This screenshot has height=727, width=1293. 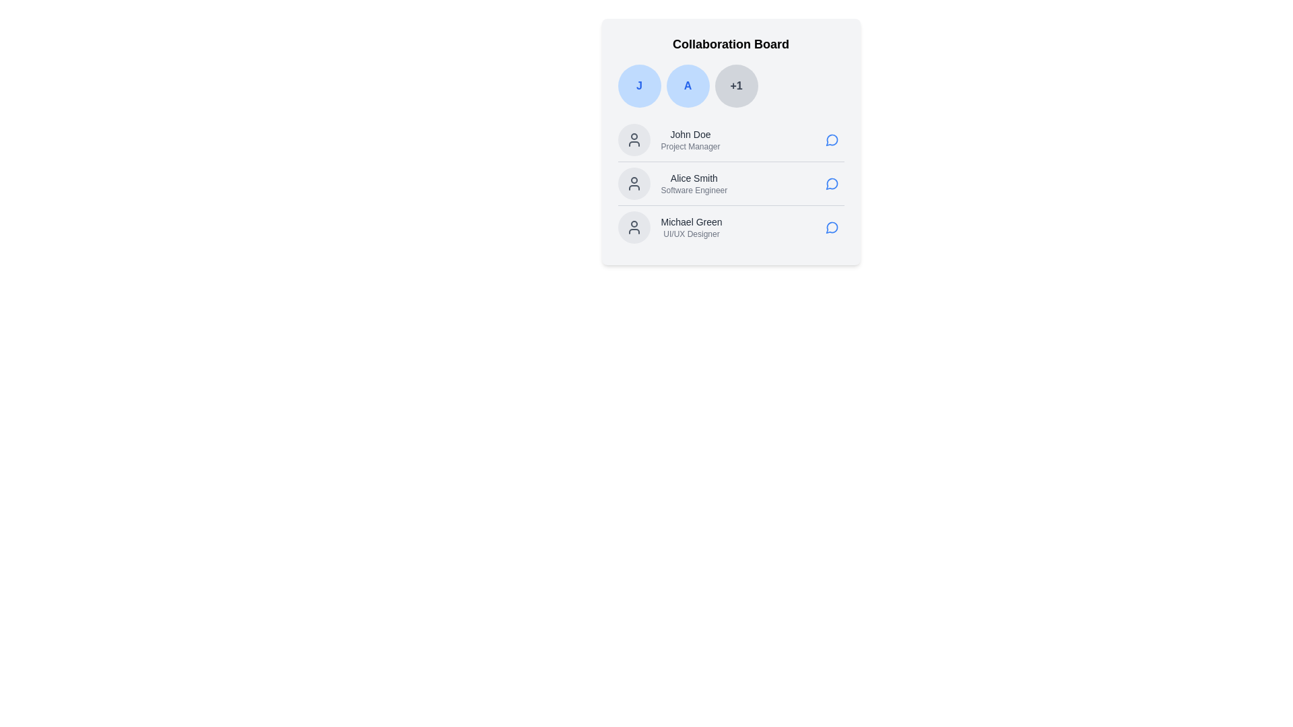 What do you see at coordinates (730, 85) in the screenshot?
I see `the 'A' circle in the group of avatar indicators located under the 'Collaboration Board' label` at bounding box center [730, 85].